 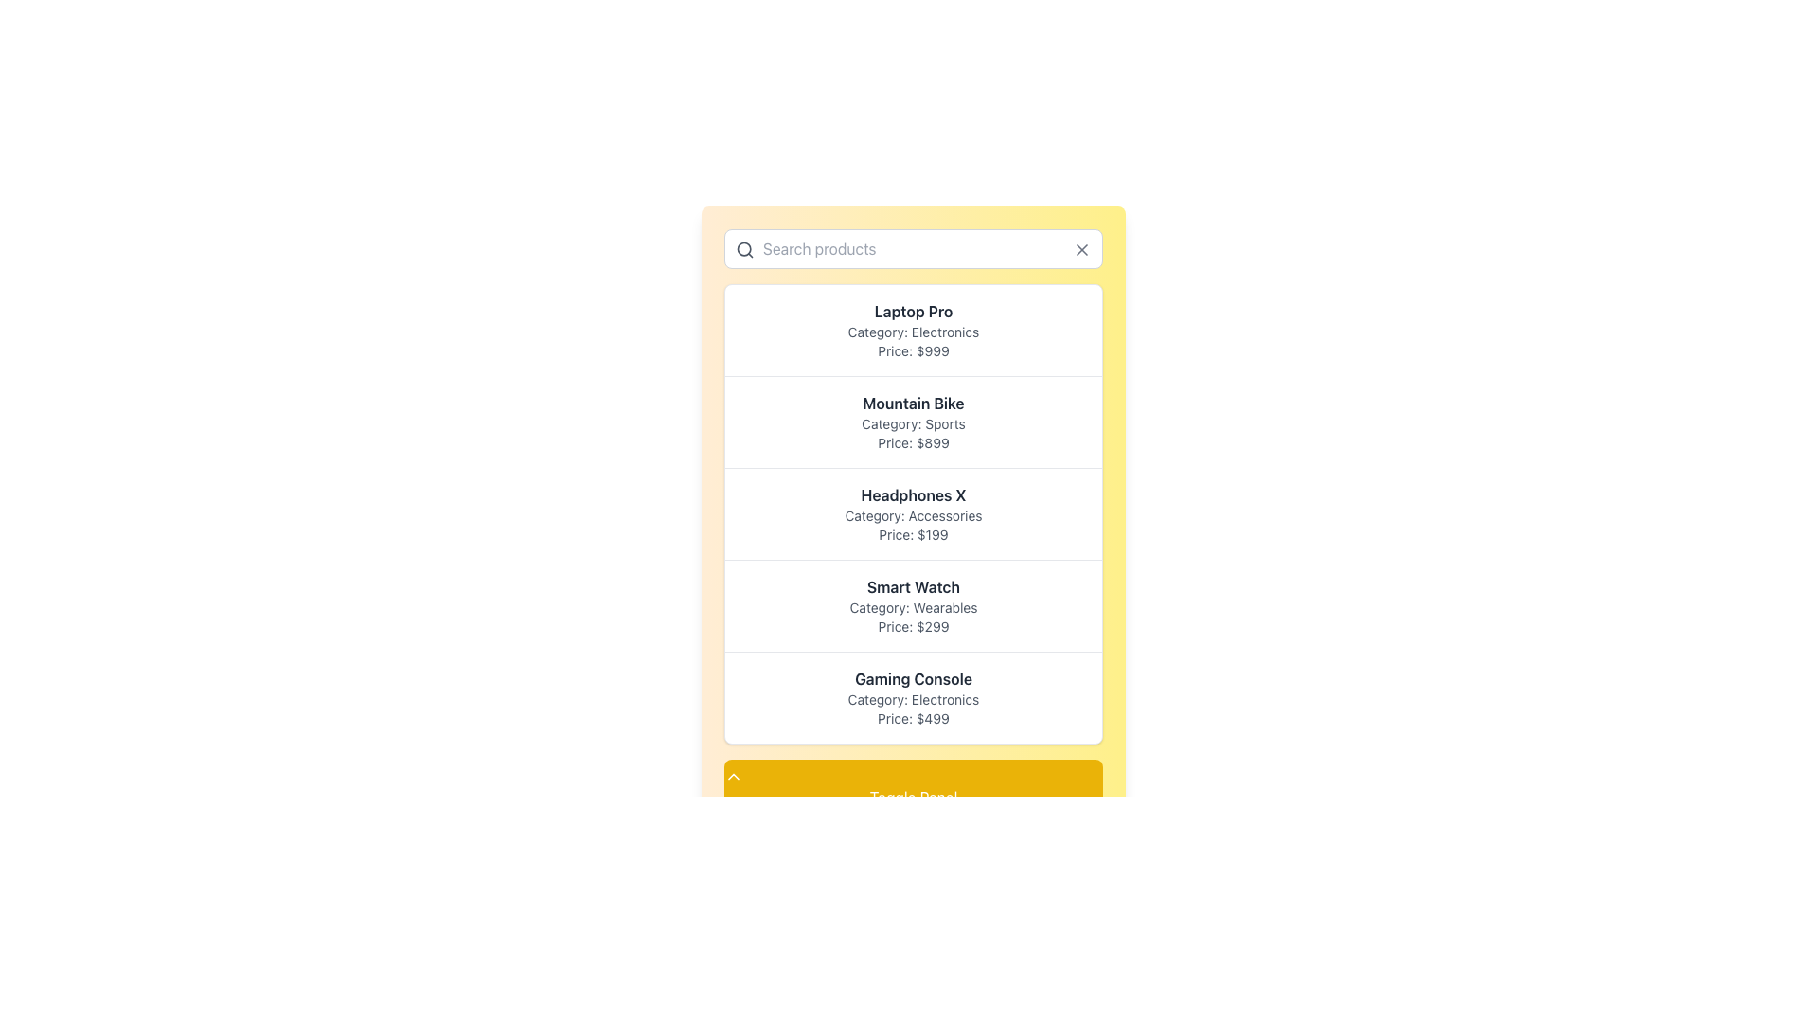 What do you see at coordinates (732, 777) in the screenshot?
I see `the icon that serves as a visual indicator for toggling or collapsing the associated panel, located inside the 'Toggle Panel' button at the bottom right corner` at bounding box center [732, 777].